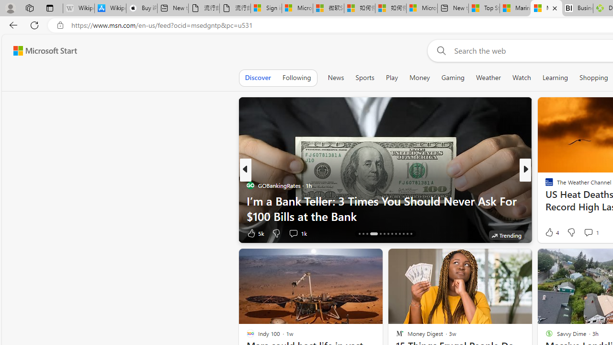 Image resolution: width=613 pixels, height=345 pixels. Describe the element at coordinates (399, 234) in the screenshot. I see `'AutomationID: tab-23'` at that location.